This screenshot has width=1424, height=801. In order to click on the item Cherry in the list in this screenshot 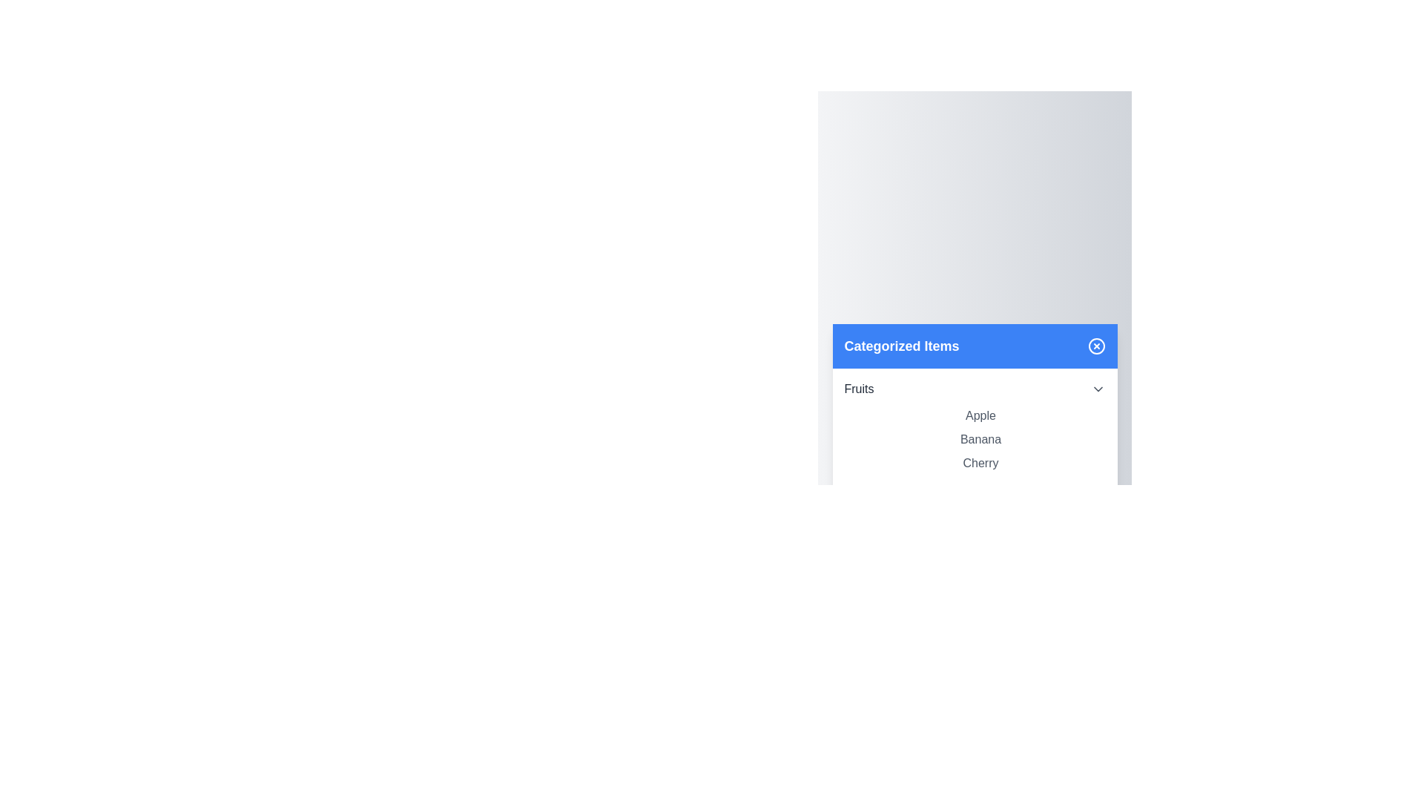, I will do `click(980, 462)`.